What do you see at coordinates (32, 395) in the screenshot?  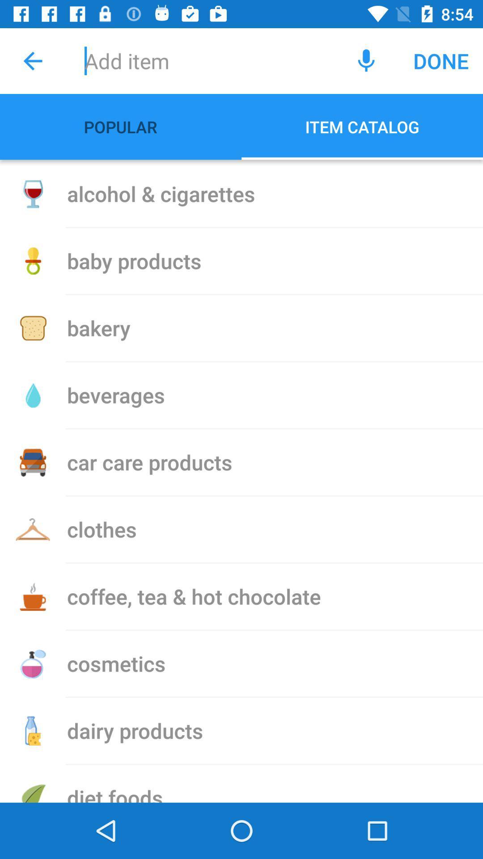 I see `the icon before beverages` at bounding box center [32, 395].